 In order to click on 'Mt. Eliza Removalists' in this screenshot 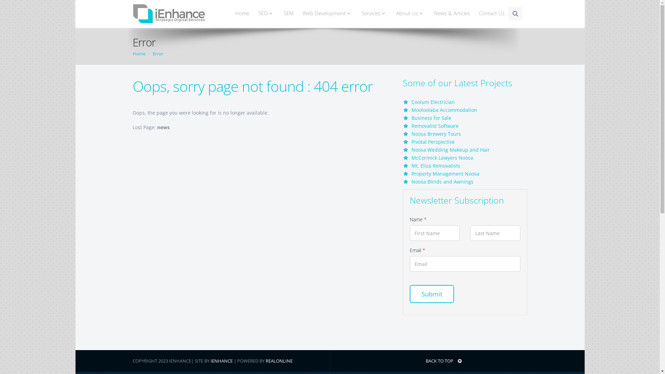, I will do `click(411, 166)`.